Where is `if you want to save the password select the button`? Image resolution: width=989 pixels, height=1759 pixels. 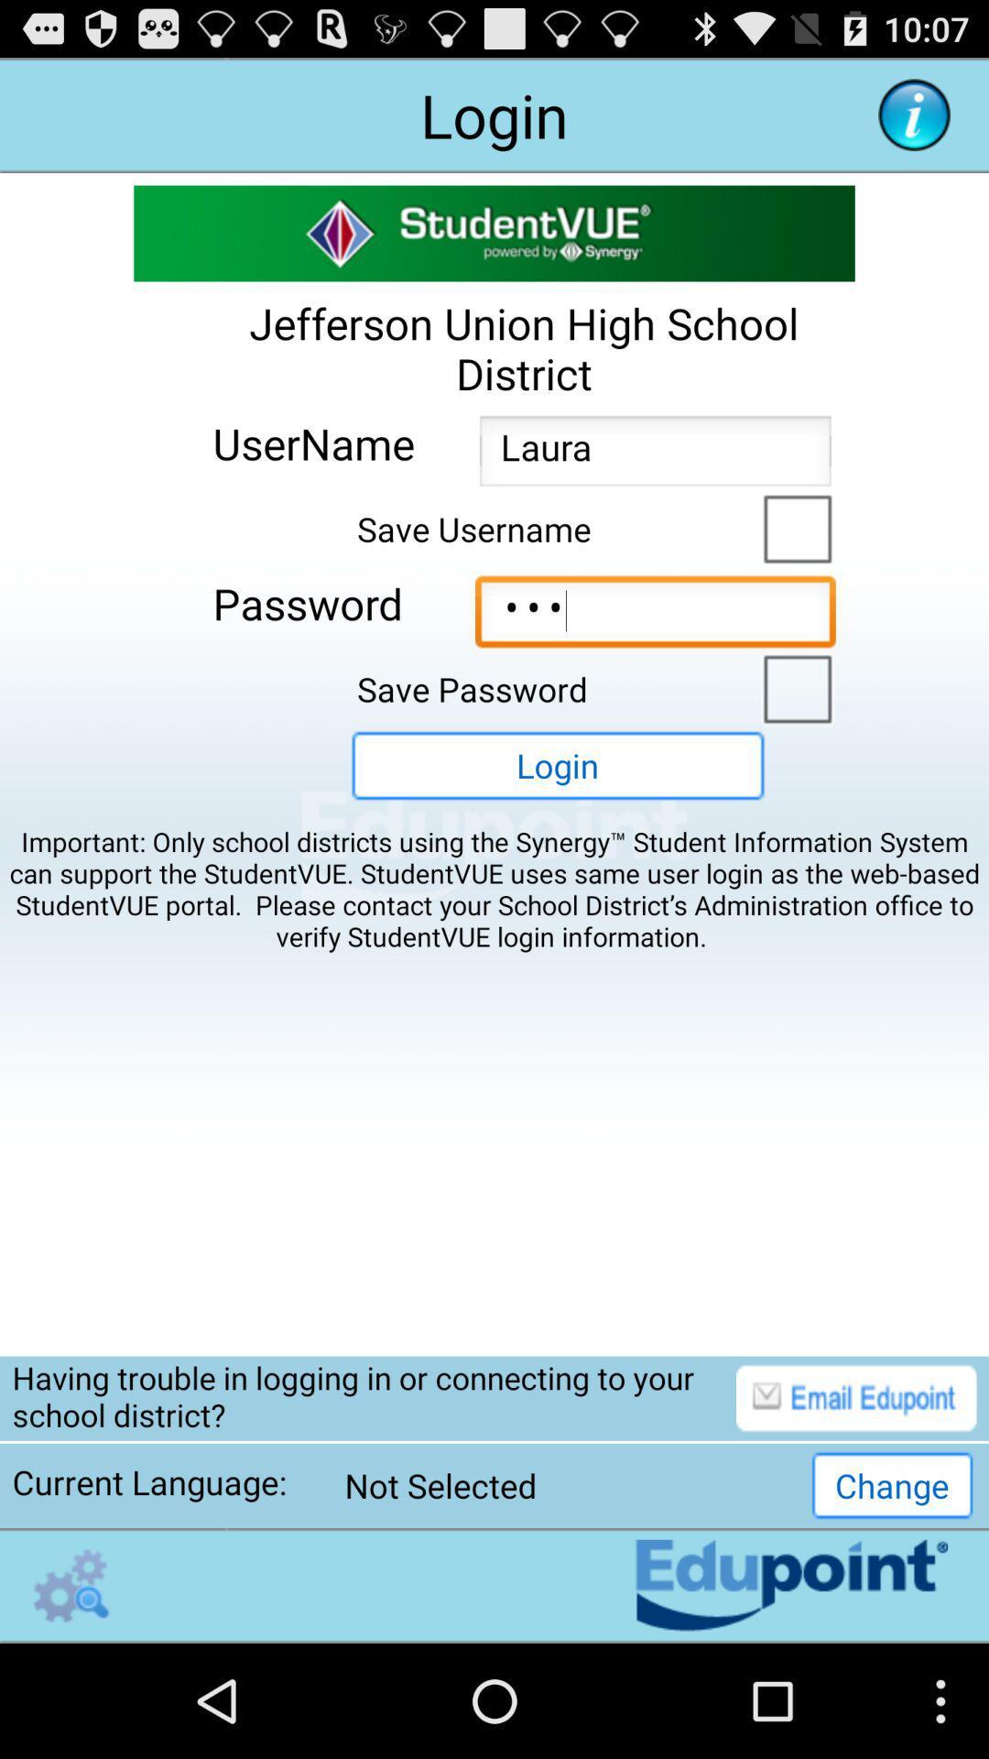 if you want to save the password select the button is located at coordinates (792, 686).